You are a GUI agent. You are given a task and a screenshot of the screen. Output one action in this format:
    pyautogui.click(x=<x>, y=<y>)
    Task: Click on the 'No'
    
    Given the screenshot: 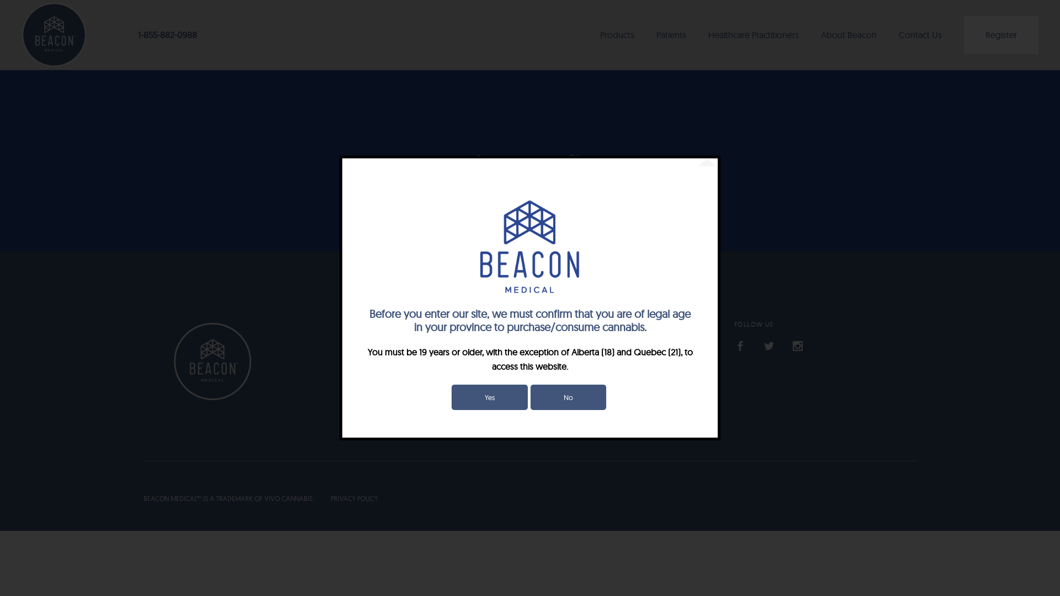 What is the action you would take?
    pyautogui.click(x=568, y=397)
    